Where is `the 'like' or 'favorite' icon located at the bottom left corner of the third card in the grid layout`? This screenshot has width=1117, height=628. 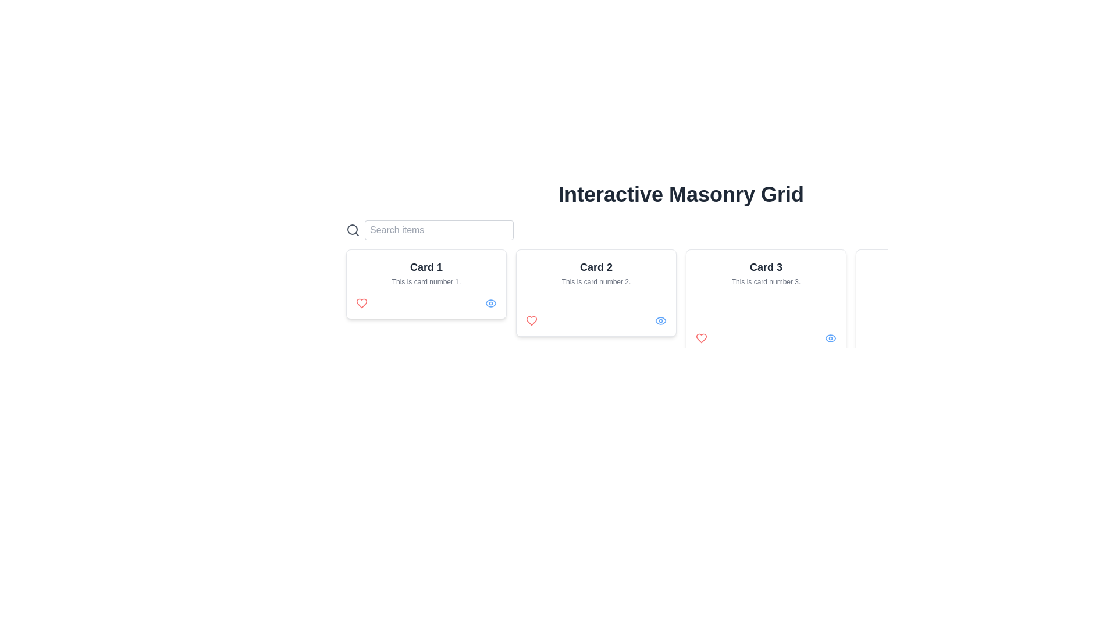 the 'like' or 'favorite' icon located at the bottom left corner of the third card in the grid layout is located at coordinates (700, 338).